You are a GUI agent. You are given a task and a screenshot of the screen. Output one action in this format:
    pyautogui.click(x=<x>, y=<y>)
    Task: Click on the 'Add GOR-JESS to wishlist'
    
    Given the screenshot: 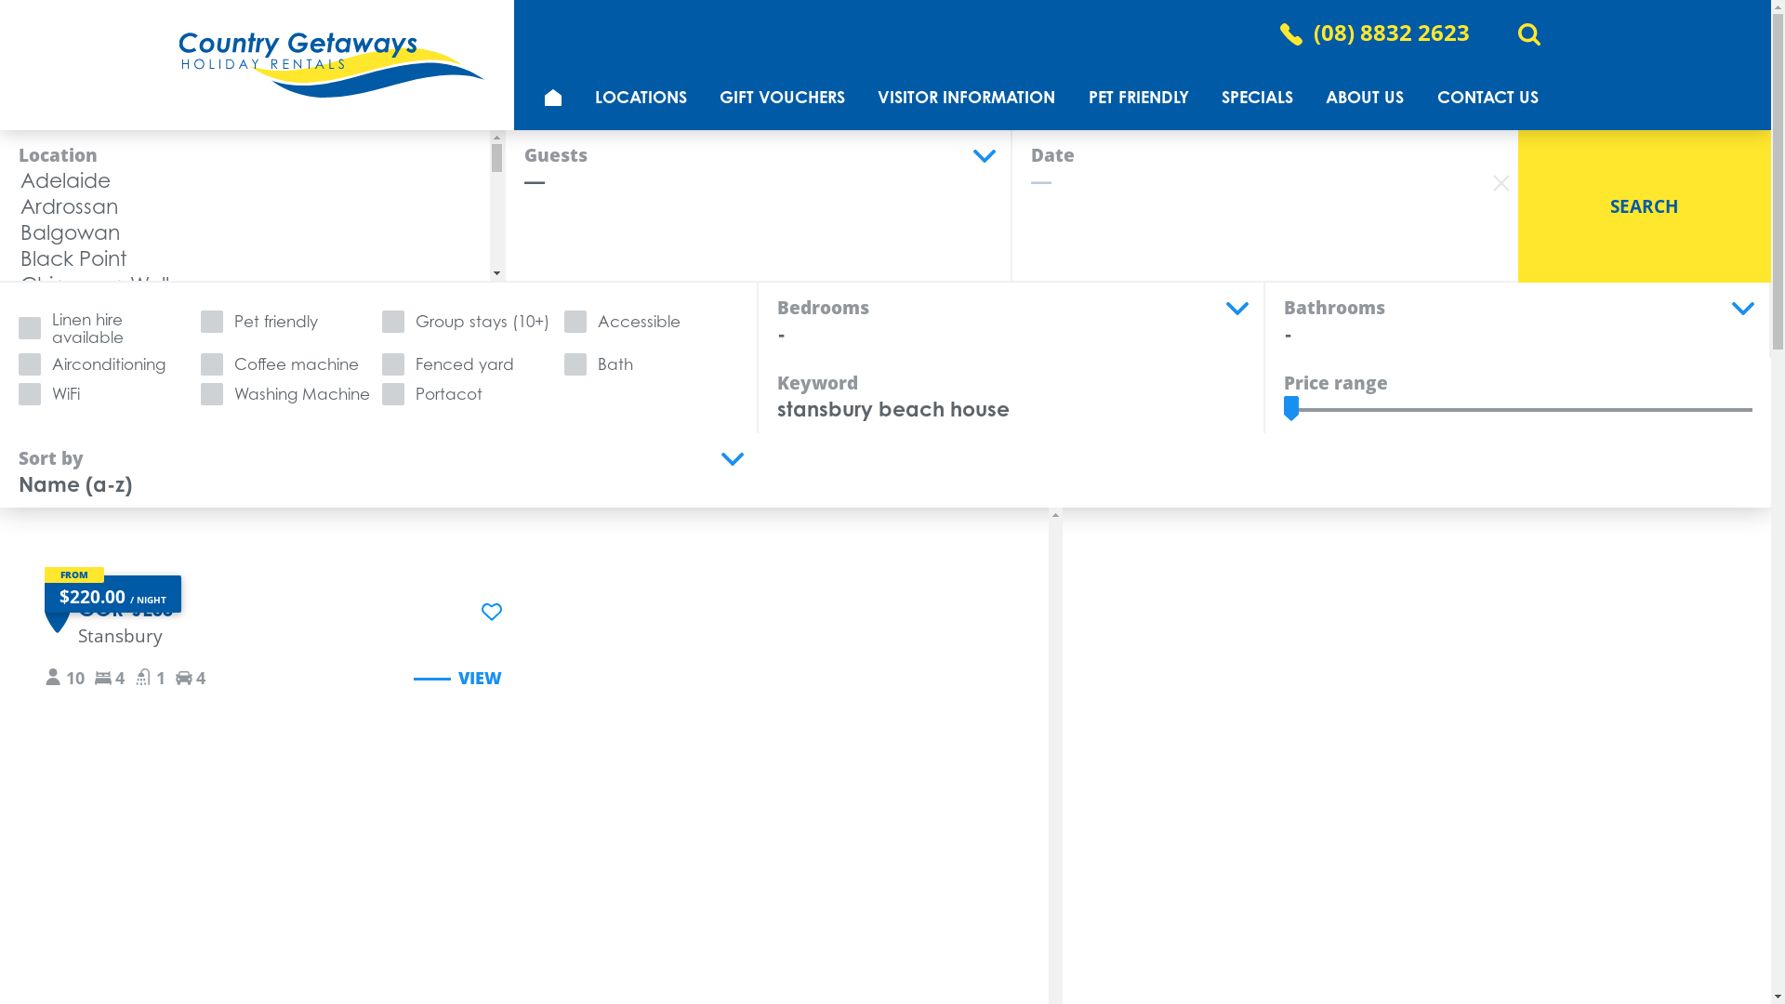 What is the action you would take?
    pyautogui.click(x=491, y=611)
    